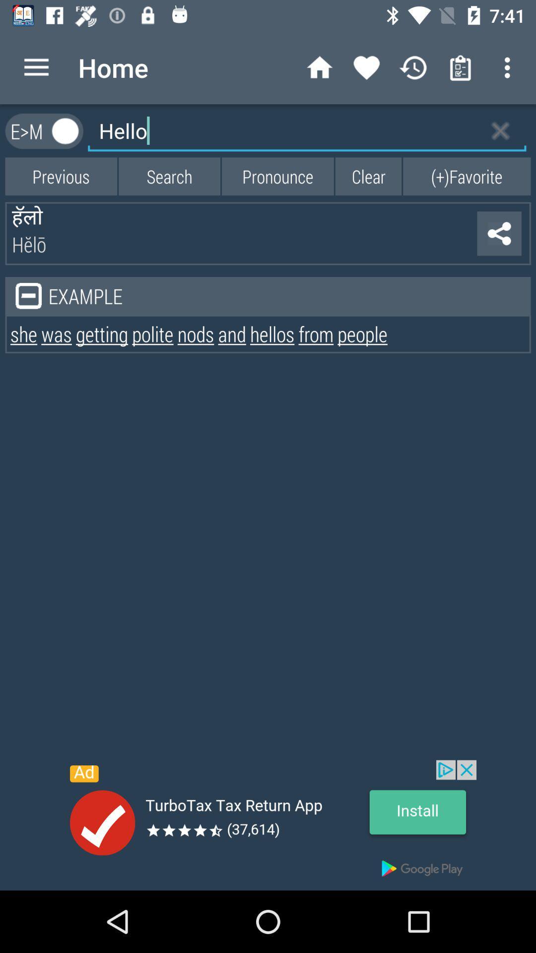 The width and height of the screenshot is (536, 953). What do you see at coordinates (268, 825) in the screenshot?
I see `open advertisement` at bounding box center [268, 825].